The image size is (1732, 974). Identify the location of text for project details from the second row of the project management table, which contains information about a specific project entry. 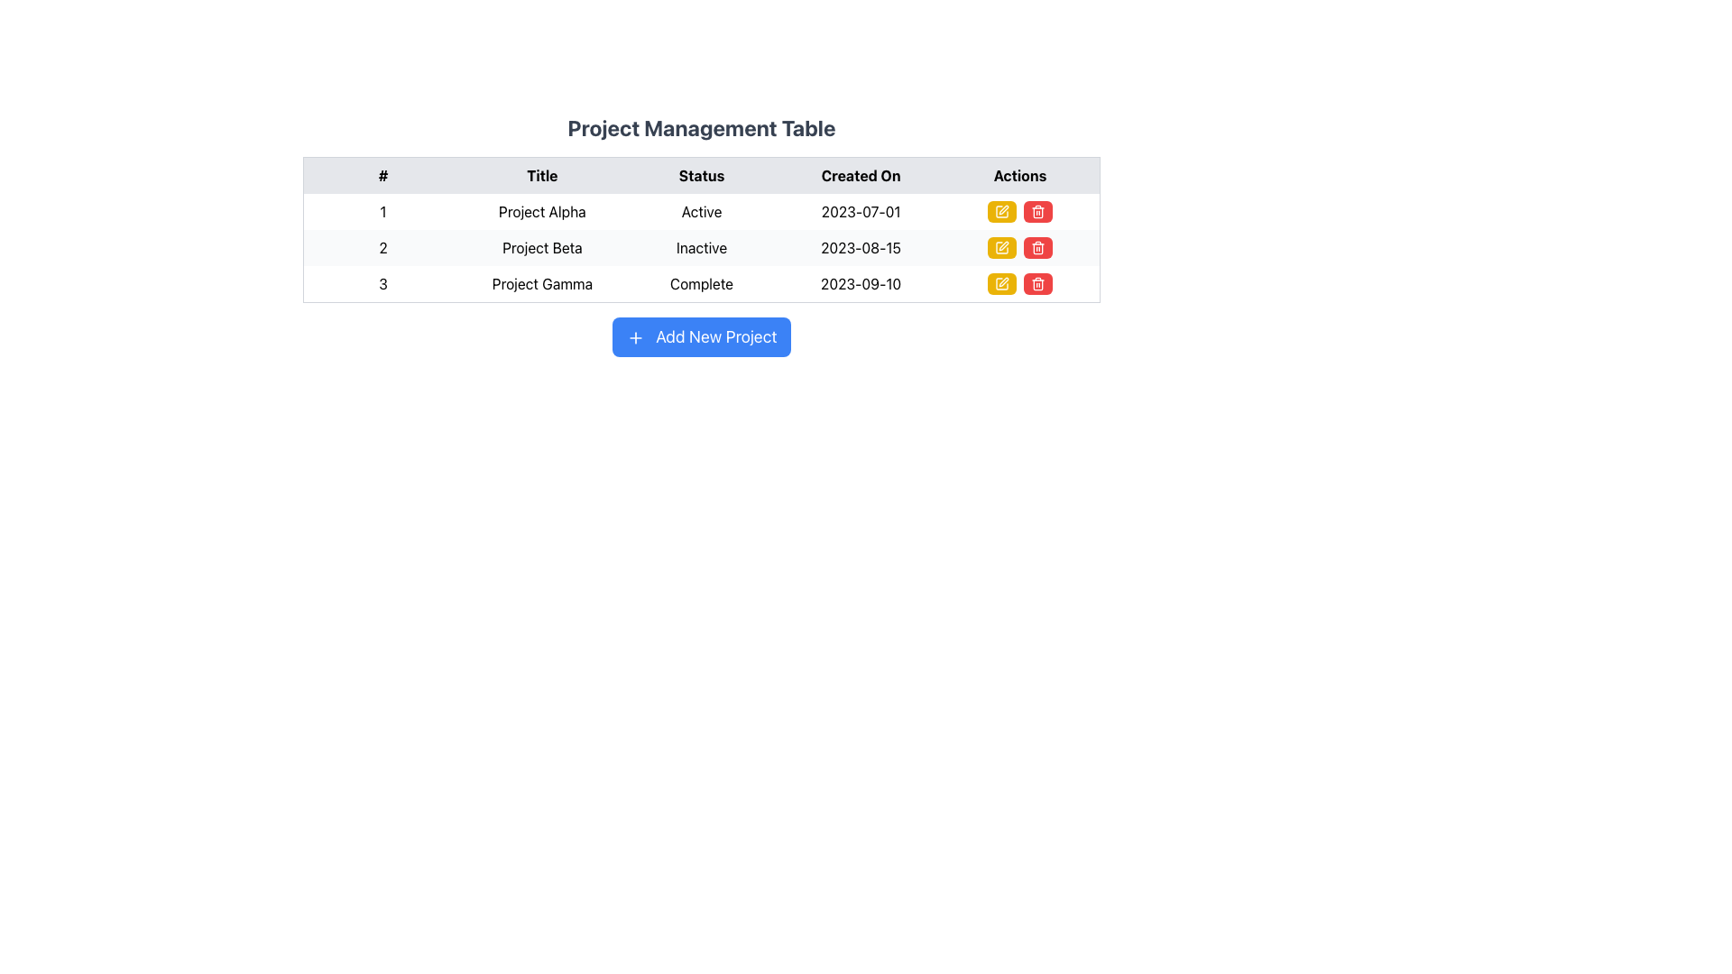
(700, 247).